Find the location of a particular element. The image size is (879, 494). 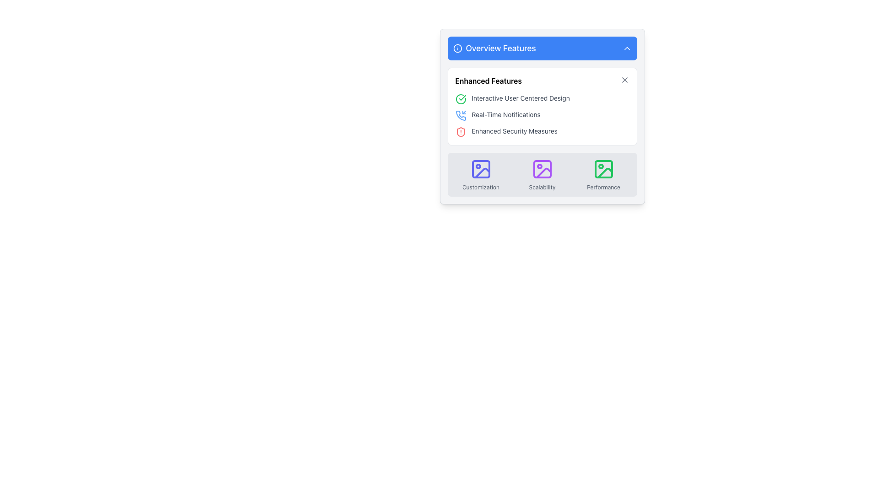

the 'Performance' icon and text label, which is the third item in the bottom section of the 'Enhanced Features' panel, featuring a green outlined square icon above gray text is located at coordinates (603, 174).